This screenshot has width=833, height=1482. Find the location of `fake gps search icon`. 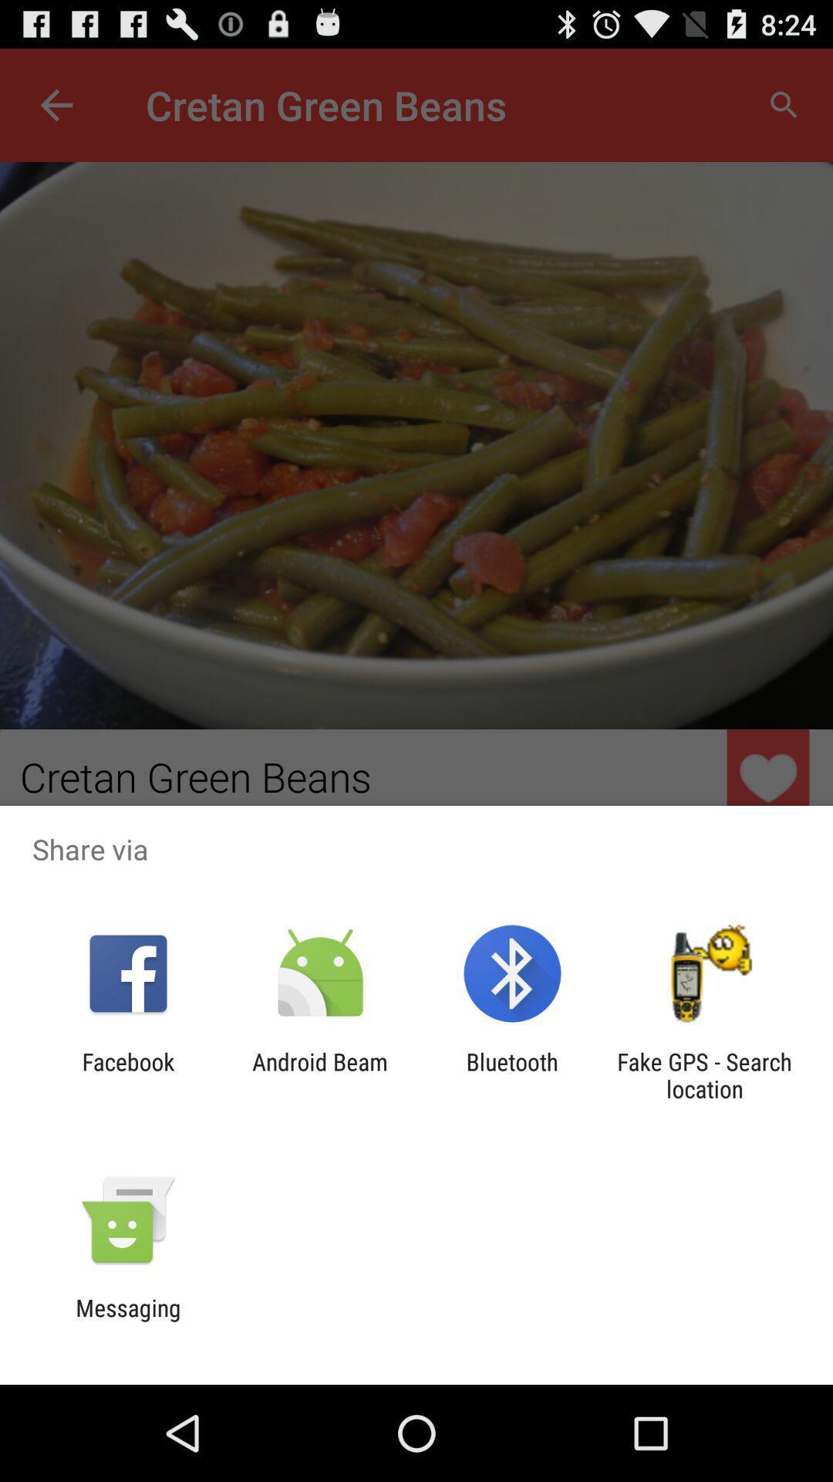

fake gps search icon is located at coordinates (704, 1074).